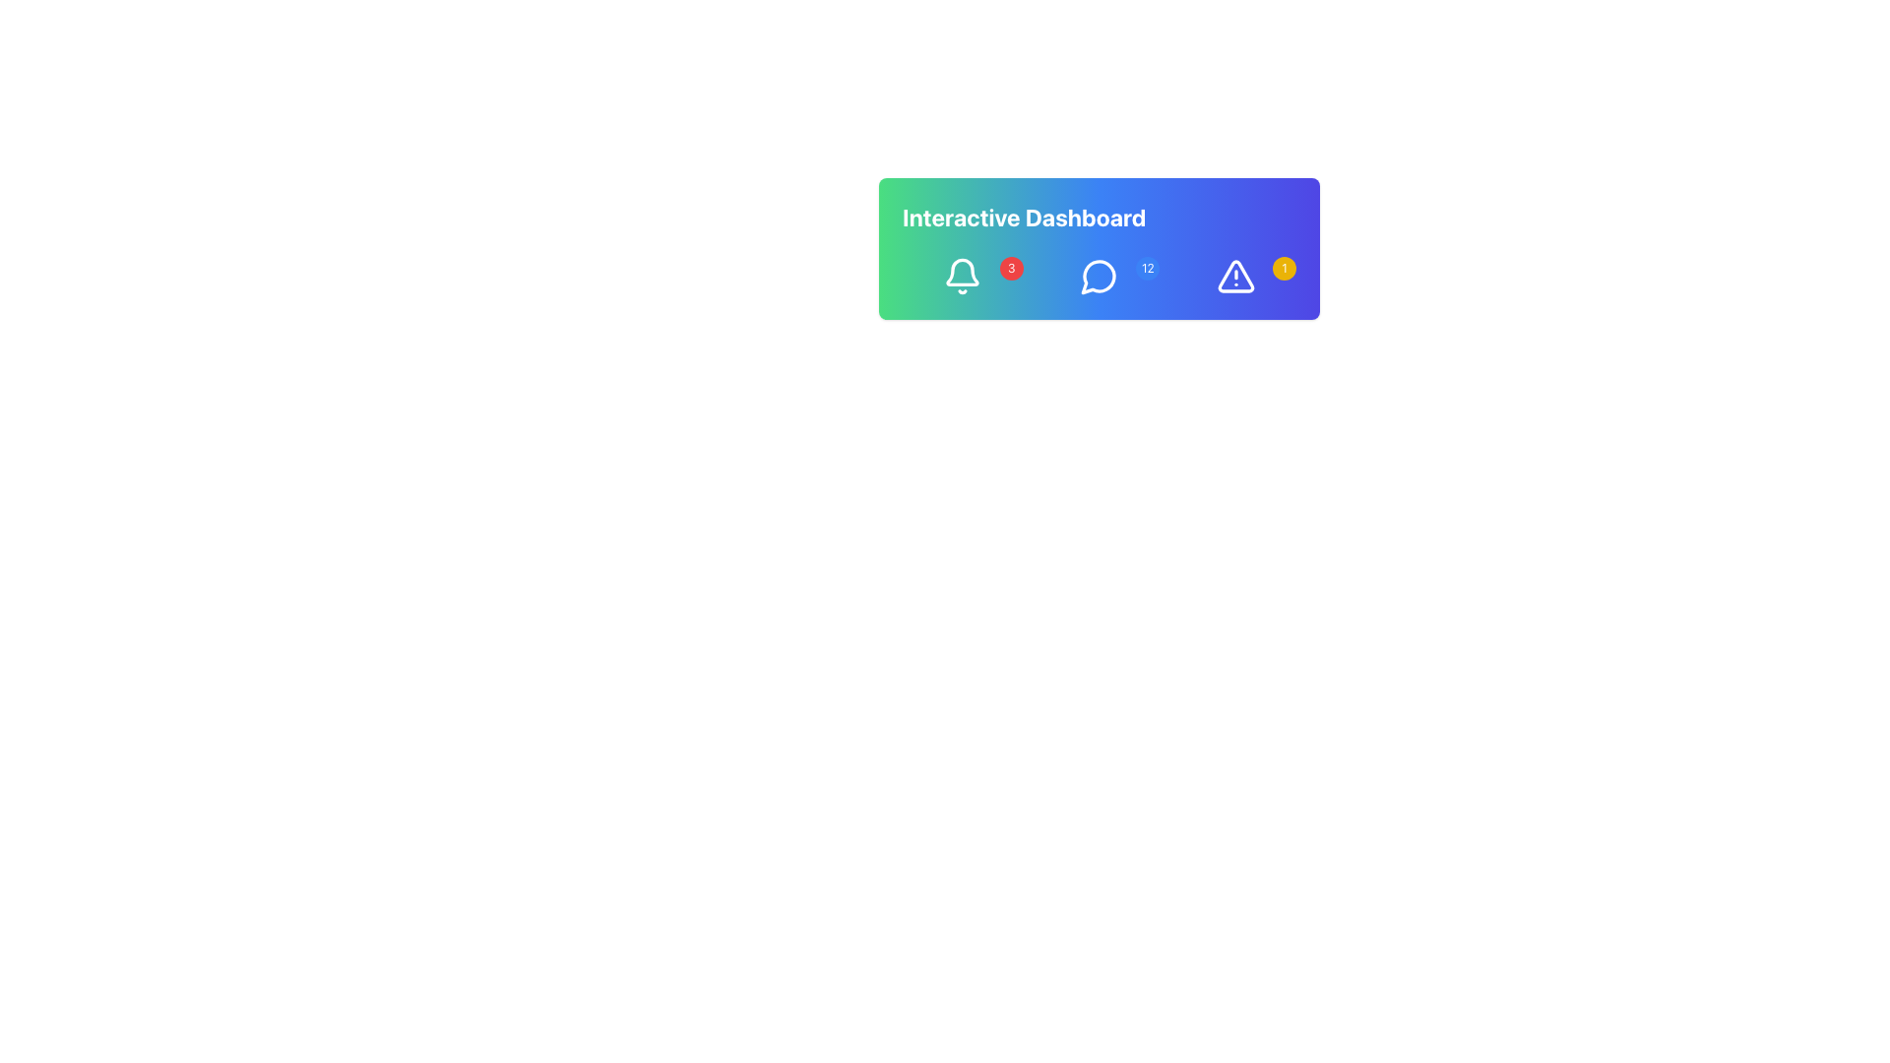 This screenshot has height=1063, width=1890. What do you see at coordinates (963, 277) in the screenshot?
I see `the notification indicator icon located in the upper section of the interface` at bounding box center [963, 277].